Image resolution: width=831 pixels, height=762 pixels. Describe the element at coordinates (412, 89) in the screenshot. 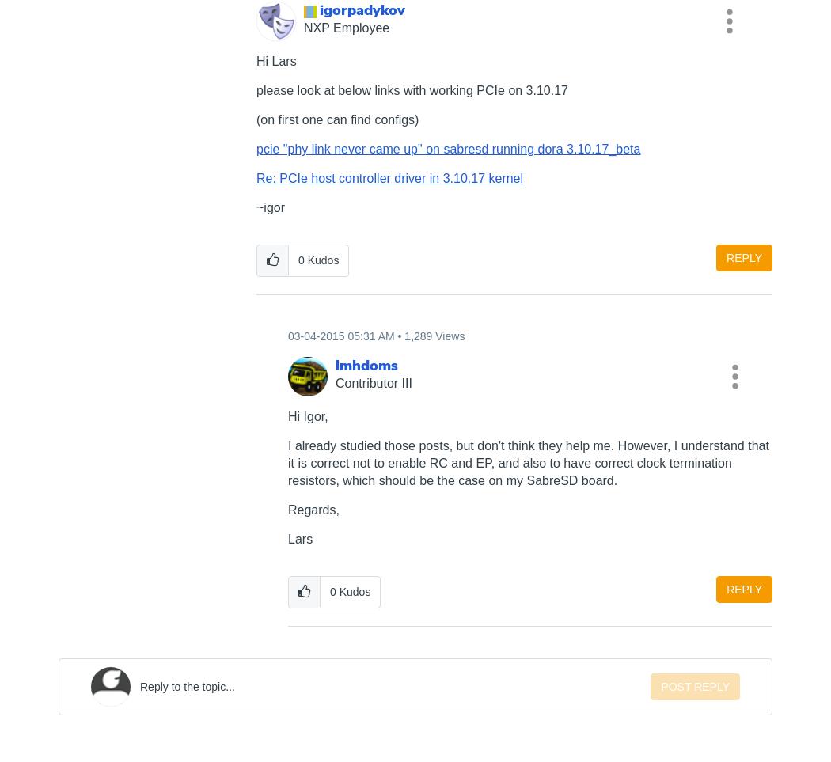

I see `'please look at below links with working PCIe on 3.10.17'` at that location.